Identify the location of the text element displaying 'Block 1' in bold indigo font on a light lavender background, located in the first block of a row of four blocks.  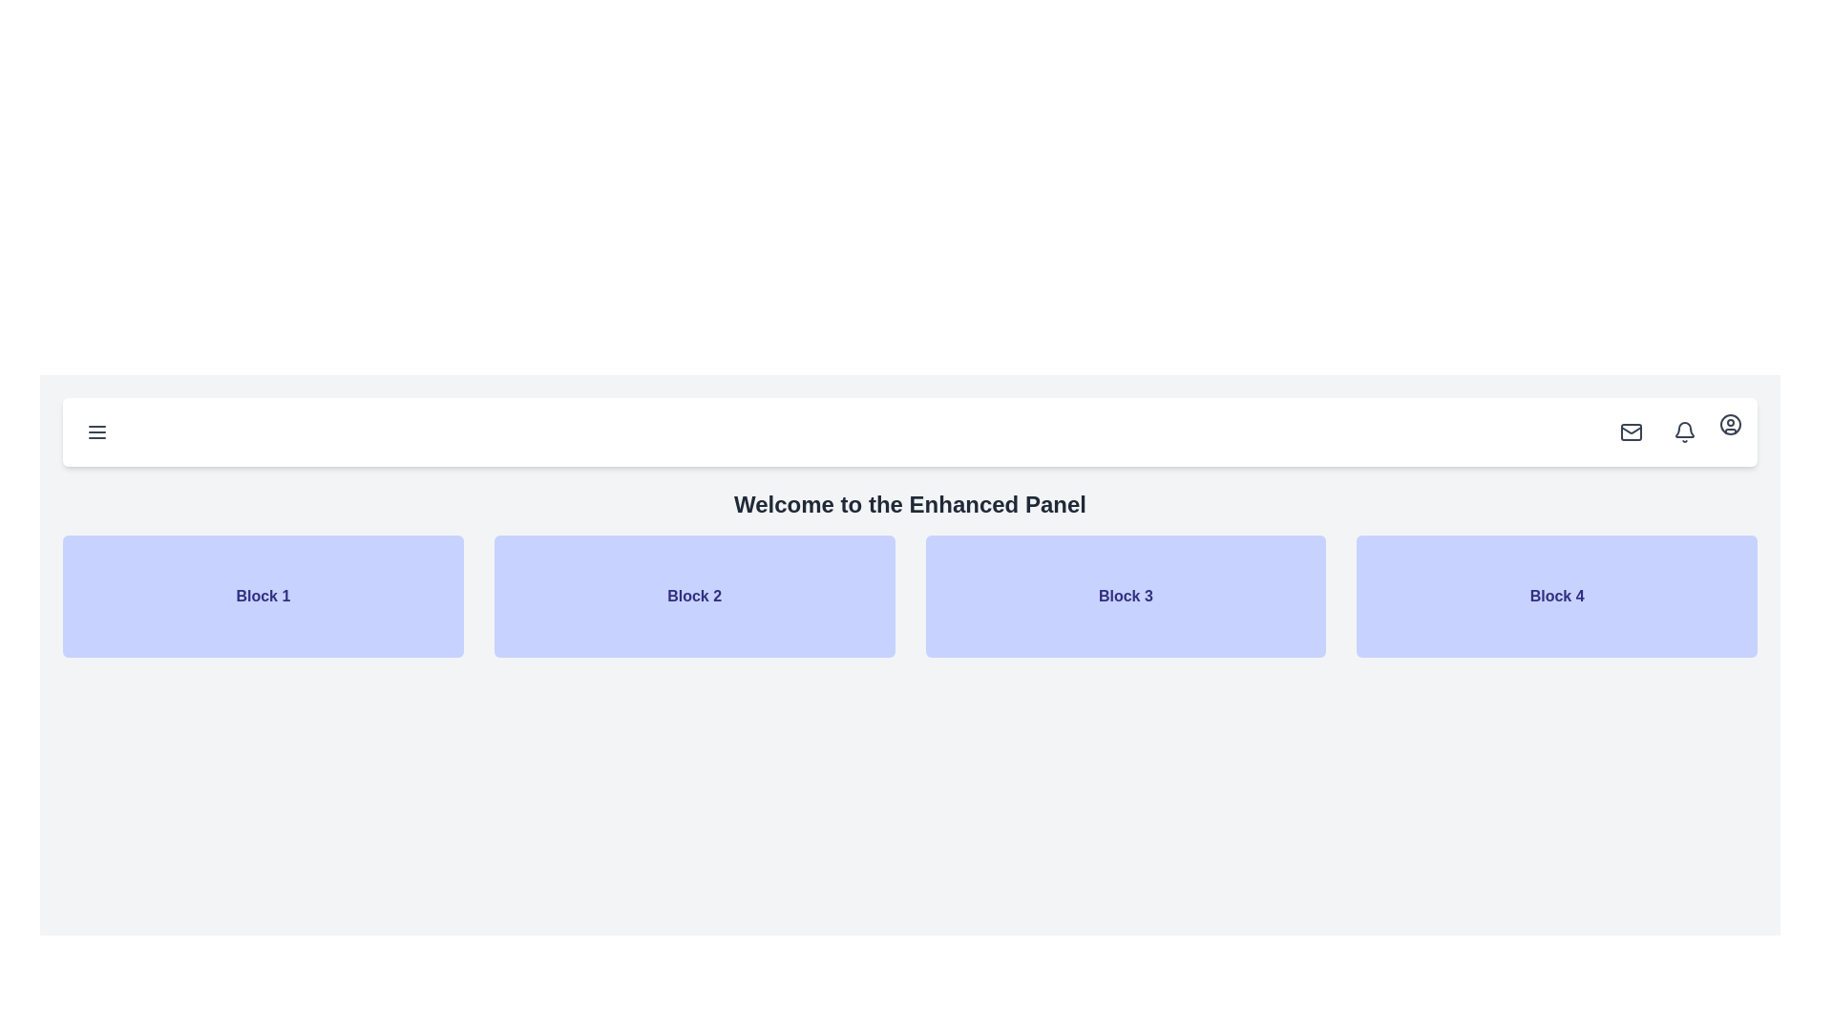
(262, 595).